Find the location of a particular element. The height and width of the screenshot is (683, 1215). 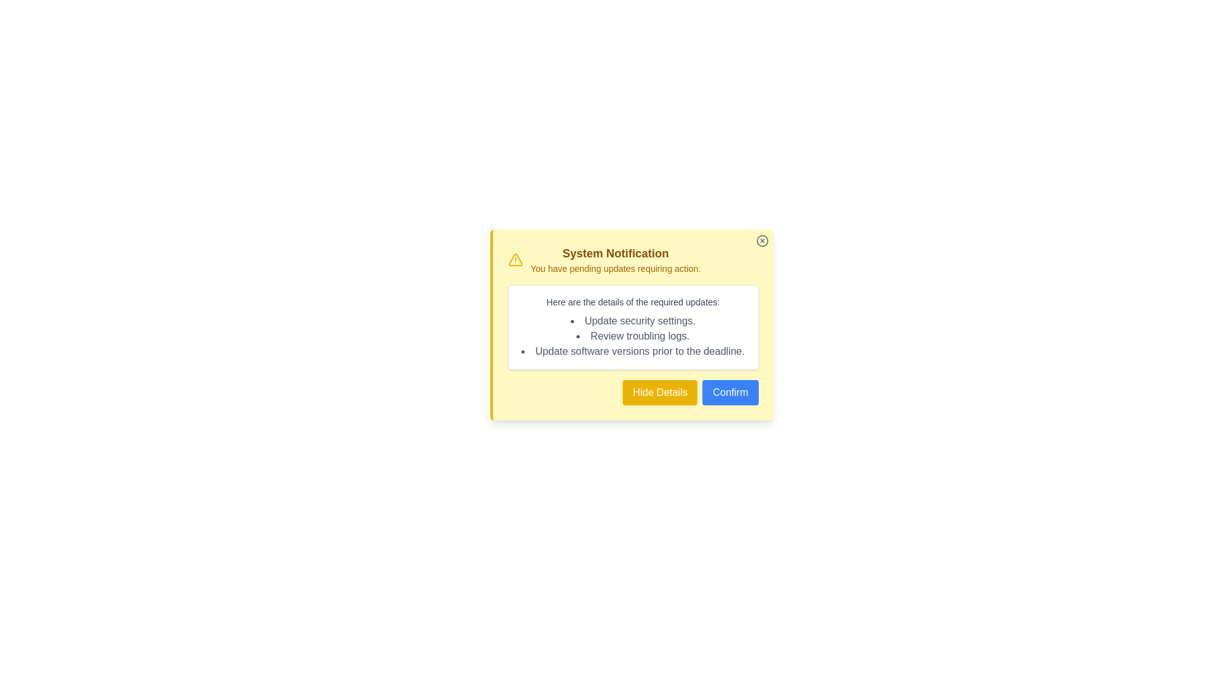

'Confirm' button to acknowledge the notification is located at coordinates (730, 392).